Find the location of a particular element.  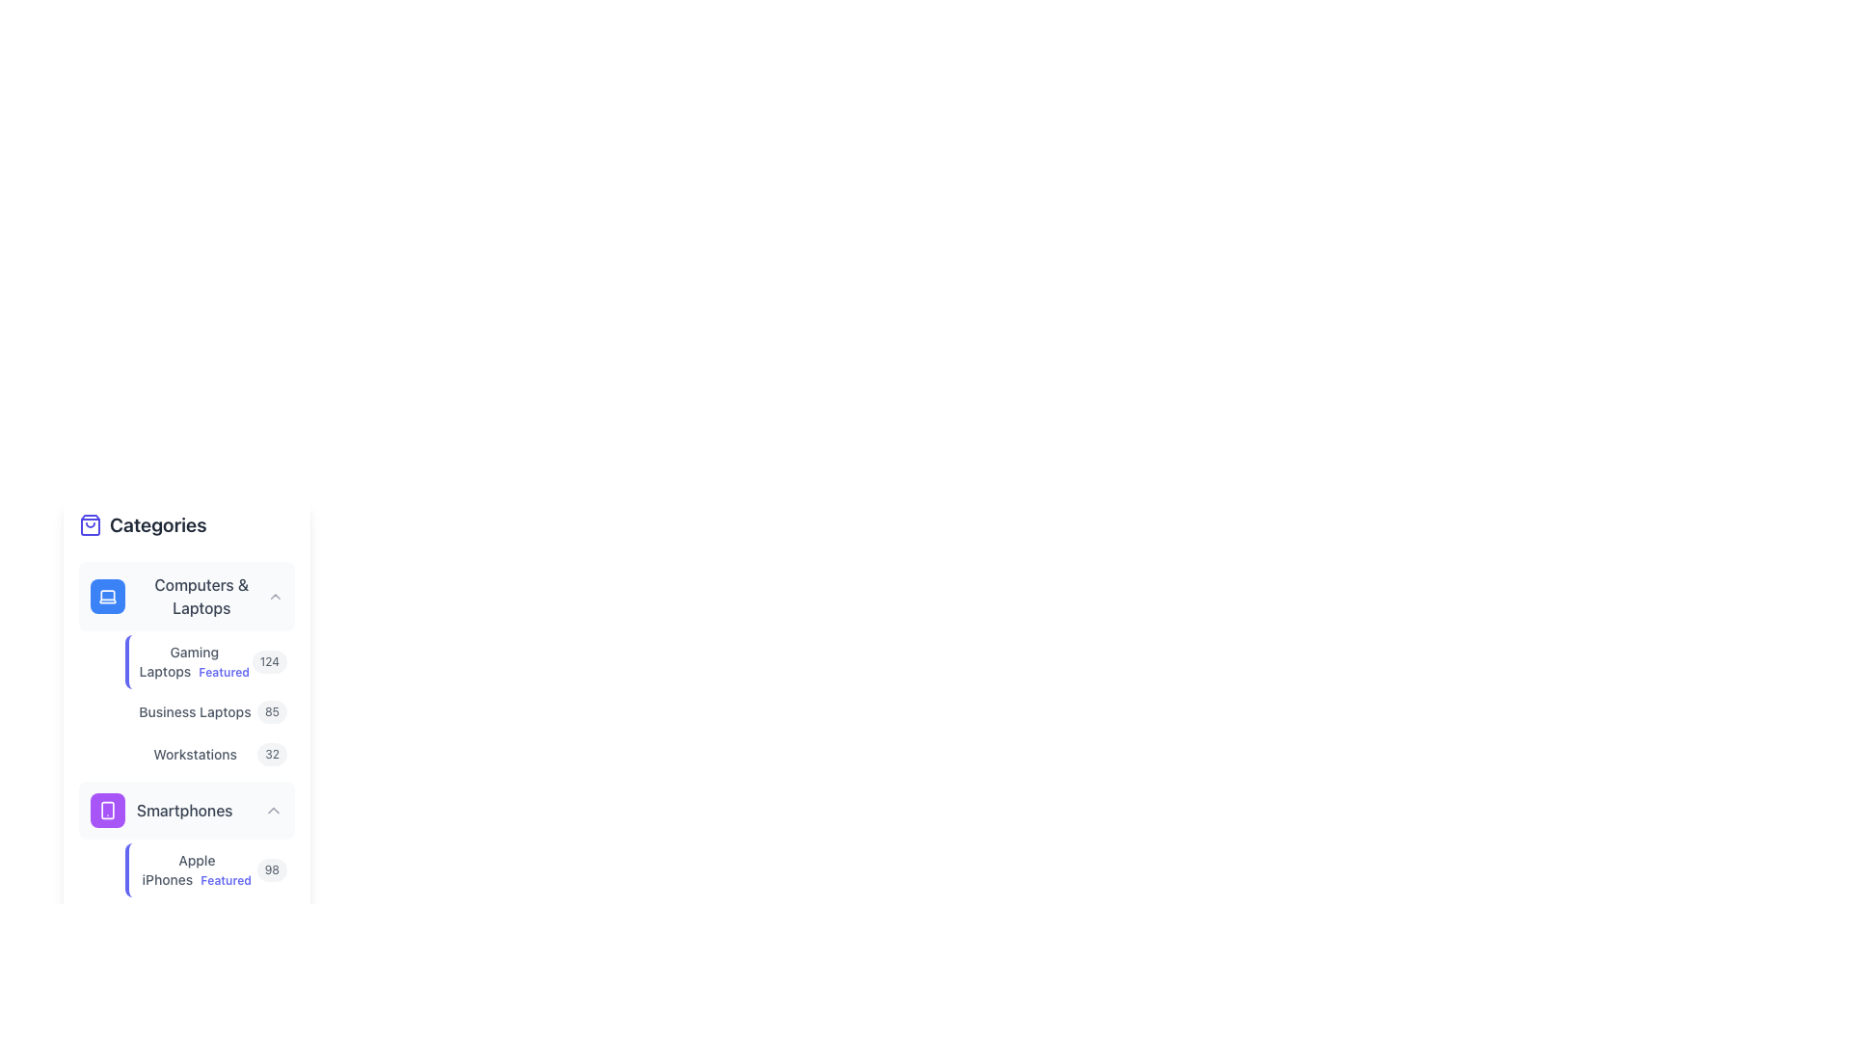

the Chevron icon that acts as a toggle for expanding or collapsing the 'Smartphones' section, located at the far-right next to the 'Smartphones' text and icon is located at coordinates (272, 810).